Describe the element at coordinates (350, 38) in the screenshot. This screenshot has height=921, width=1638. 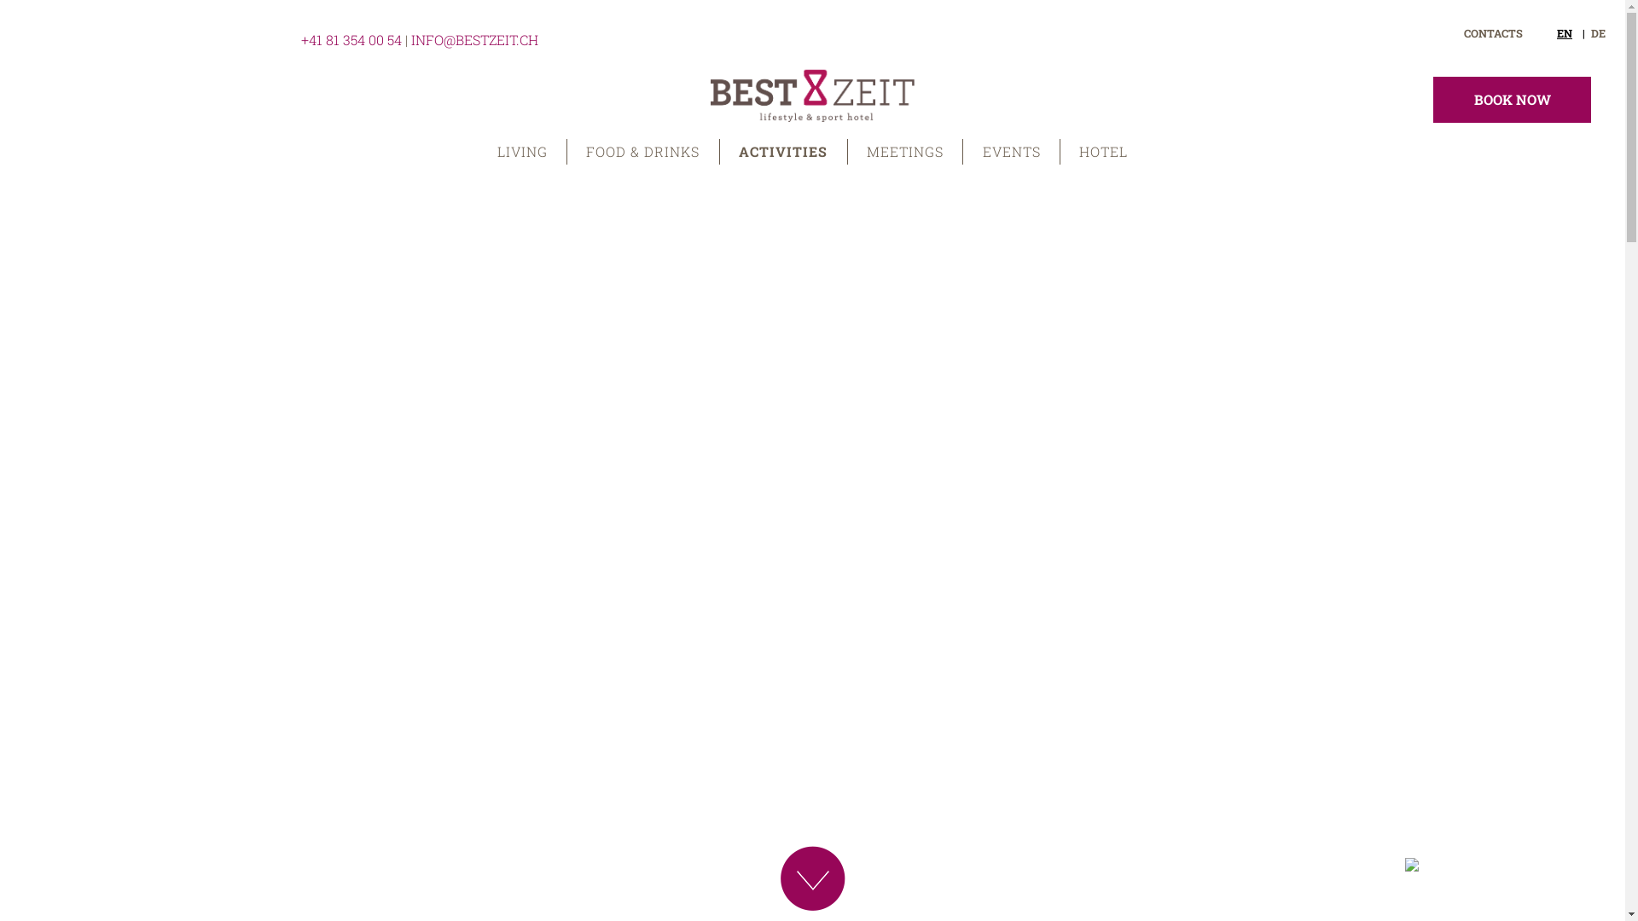
I see `'+41 81 354 00 54'` at that location.